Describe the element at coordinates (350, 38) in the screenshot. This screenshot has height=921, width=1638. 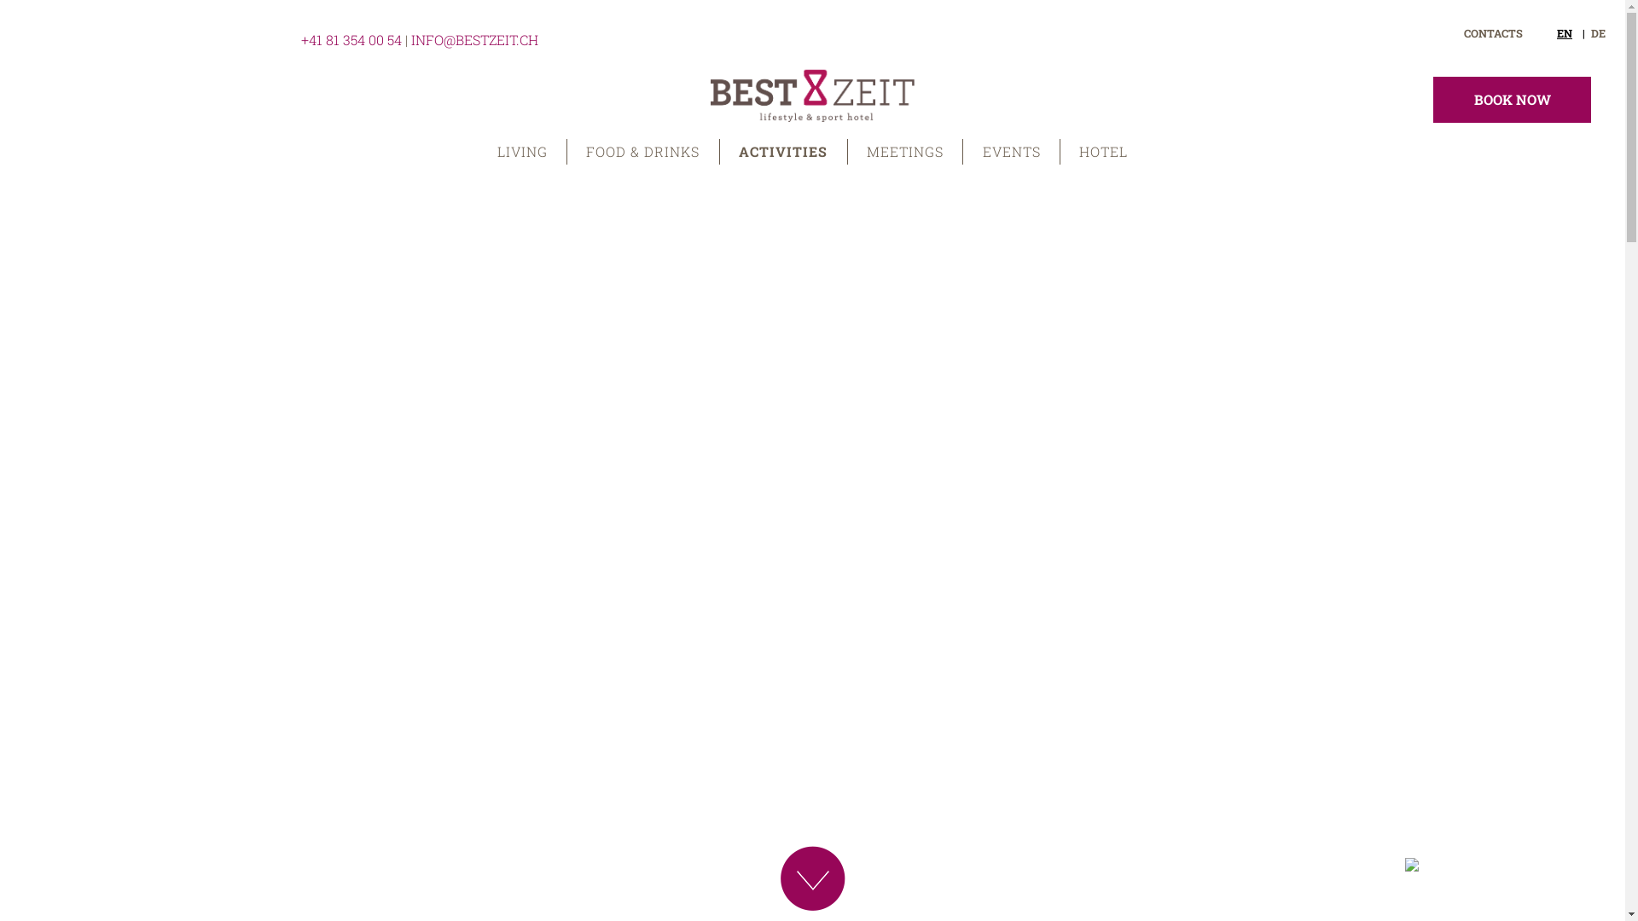
I see `'+41 81 354 00 54'` at that location.